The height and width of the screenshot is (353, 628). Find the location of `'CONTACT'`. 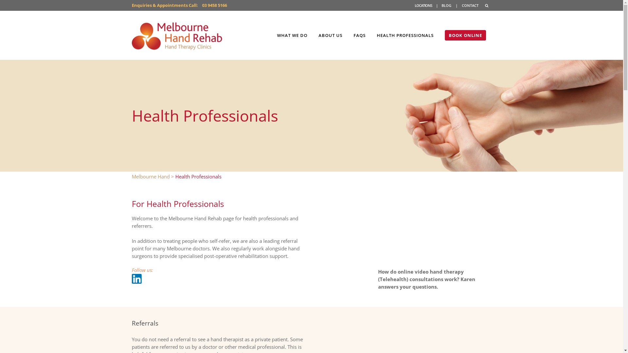

'CONTACT' is located at coordinates (470, 5).